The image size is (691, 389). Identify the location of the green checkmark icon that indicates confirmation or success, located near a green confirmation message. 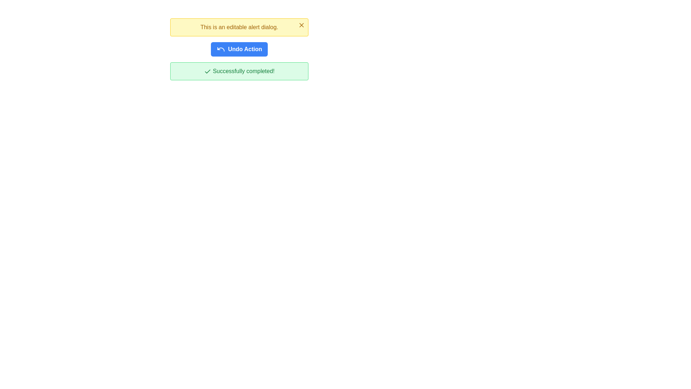
(207, 71).